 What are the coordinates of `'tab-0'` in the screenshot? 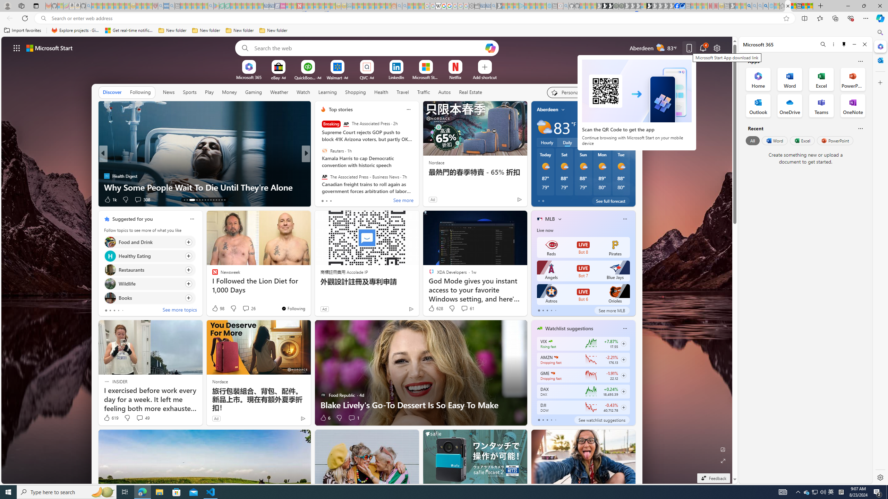 It's located at (538, 420).